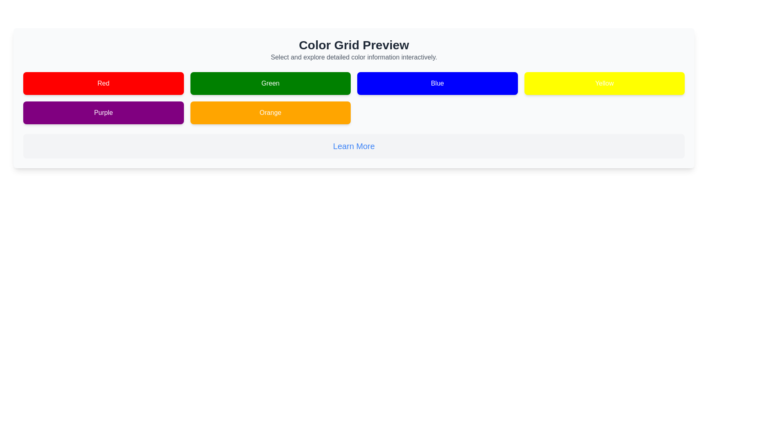  What do you see at coordinates (103, 83) in the screenshot?
I see `the red button labeled 'Red'` at bounding box center [103, 83].